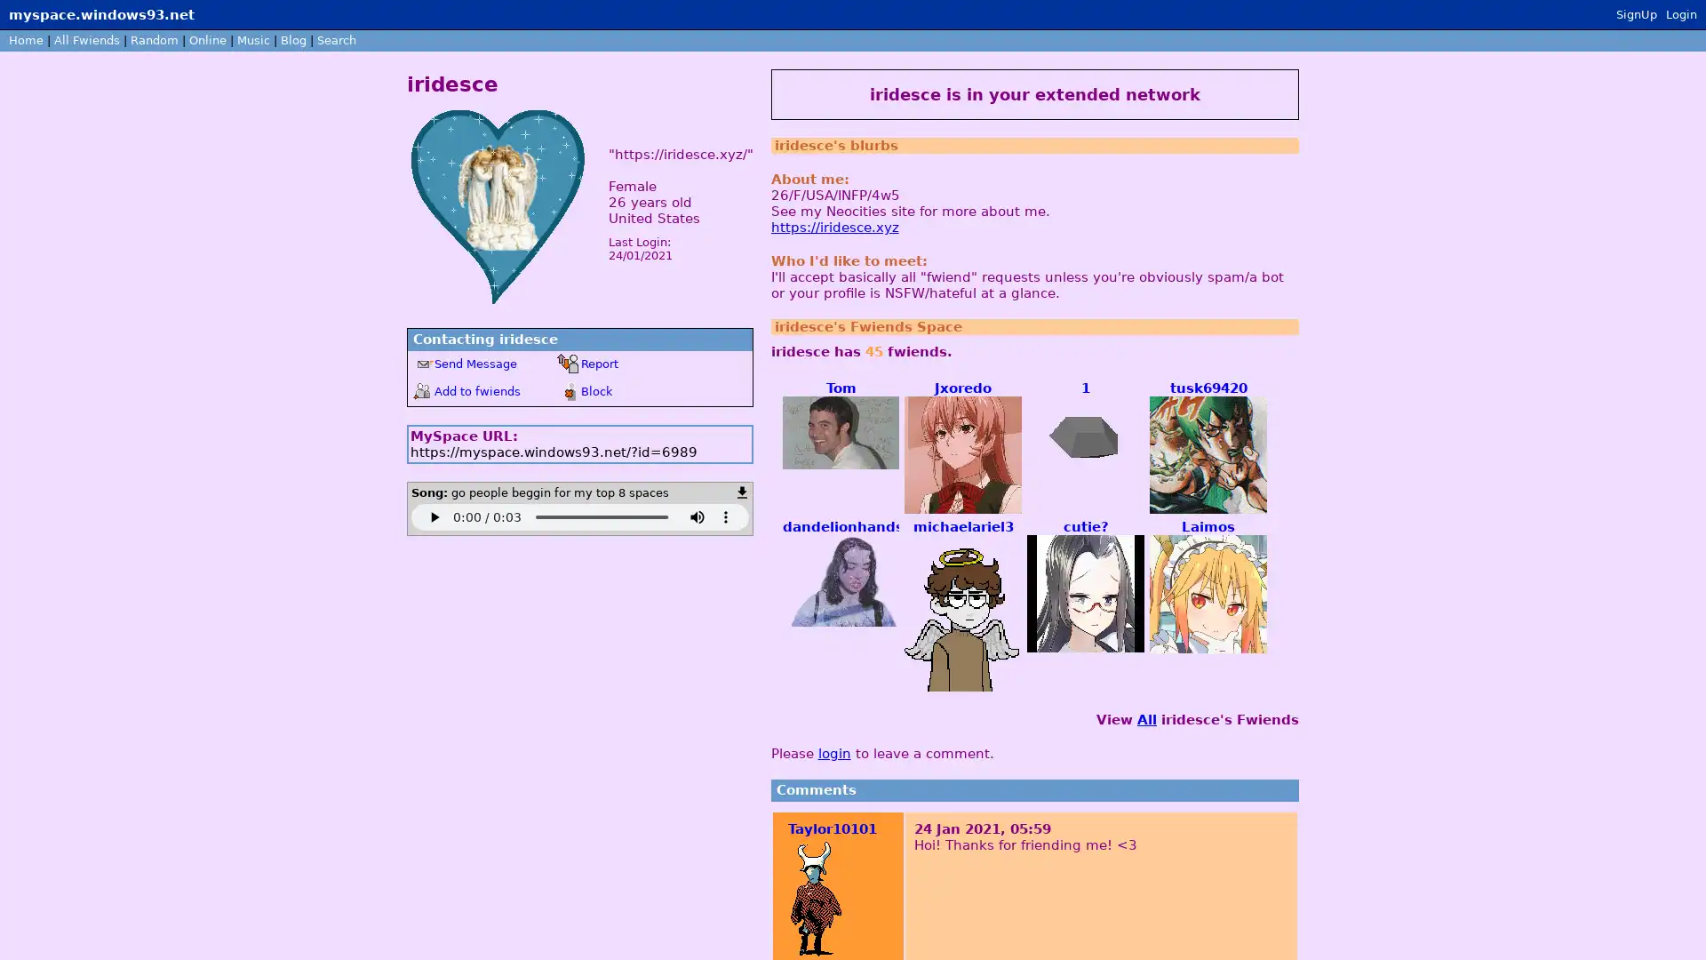  Describe the element at coordinates (695, 517) in the screenshot. I see `mute` at that location.